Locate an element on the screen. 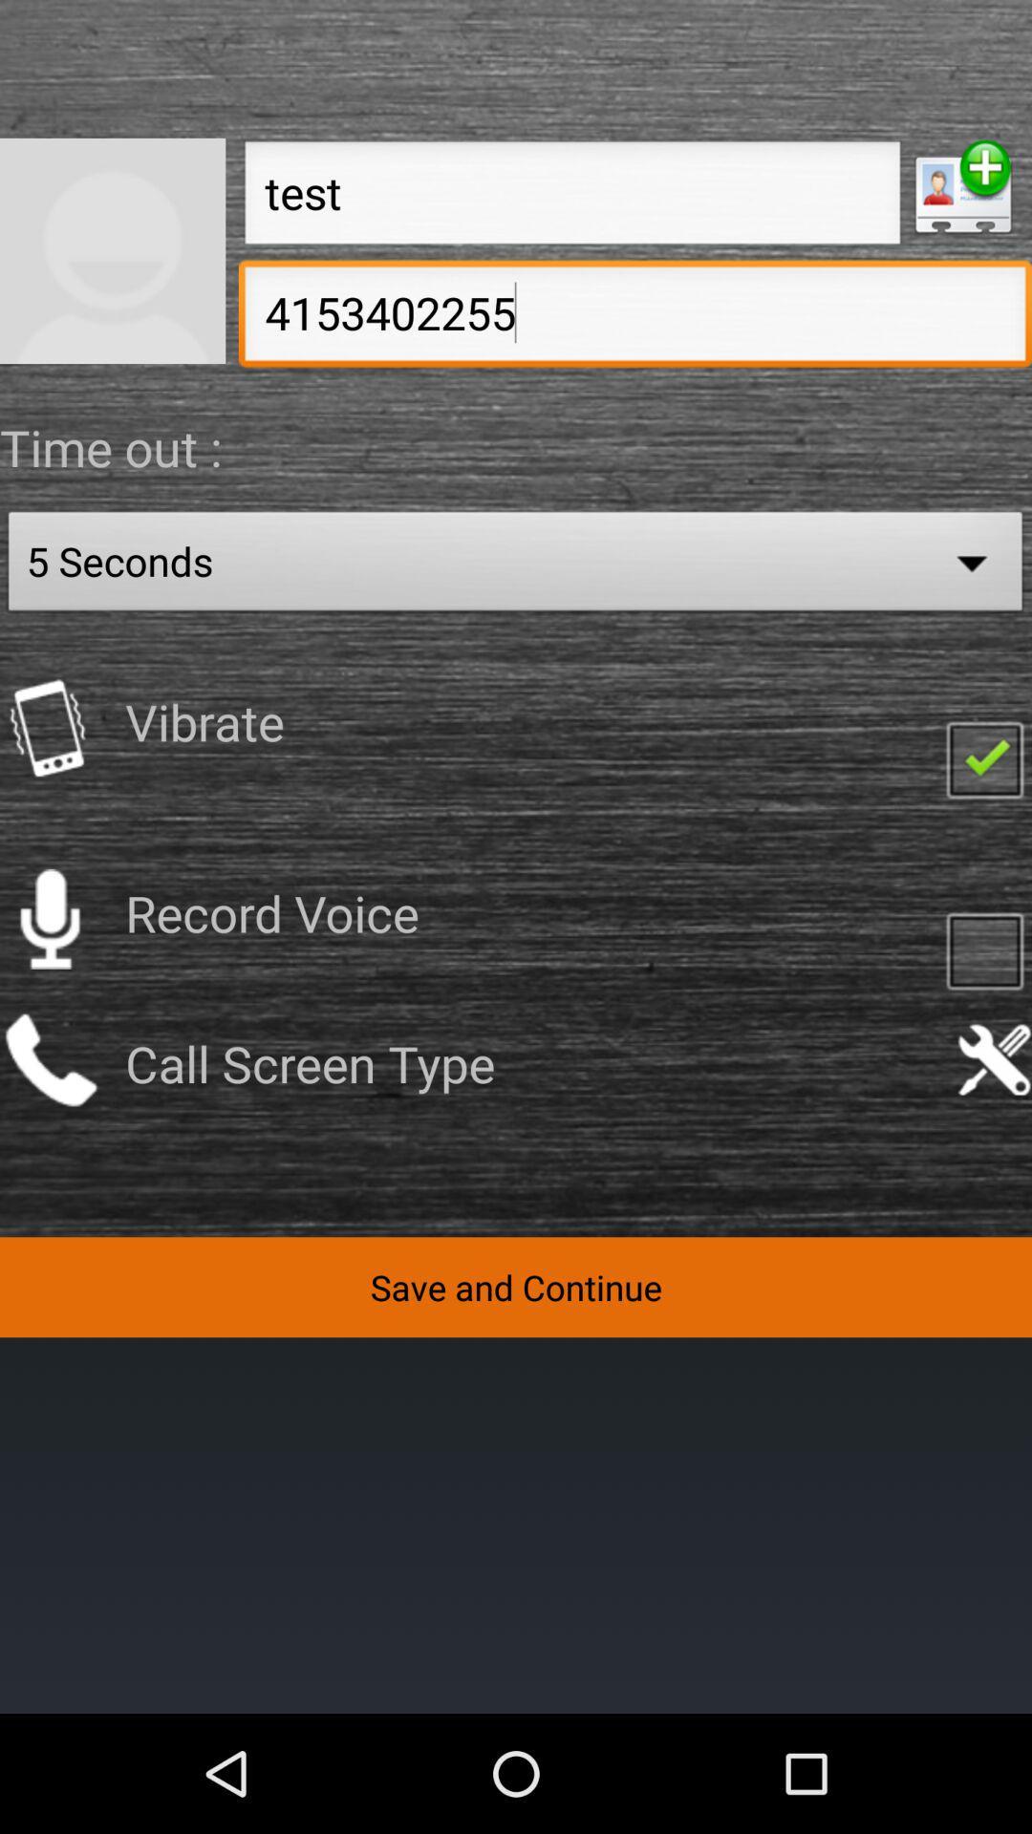  profile is located at coordinates (963, 188).